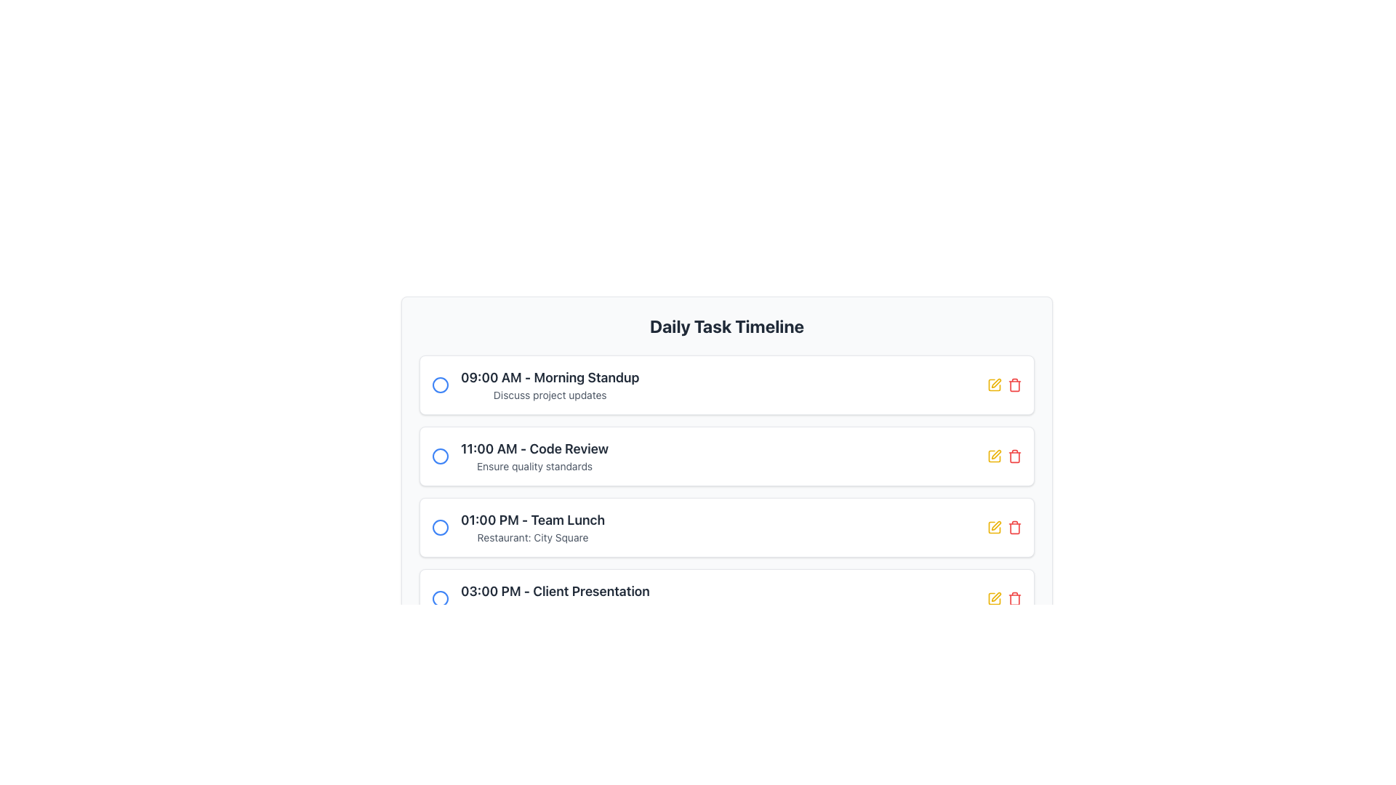  Describe the element at coordinates (439, 384) in the screenshot. I see `the first circular status icon located at the left edge of the '09:00 AM - Morning Standup' task item in the Daily Task Timeline interface` at that location.